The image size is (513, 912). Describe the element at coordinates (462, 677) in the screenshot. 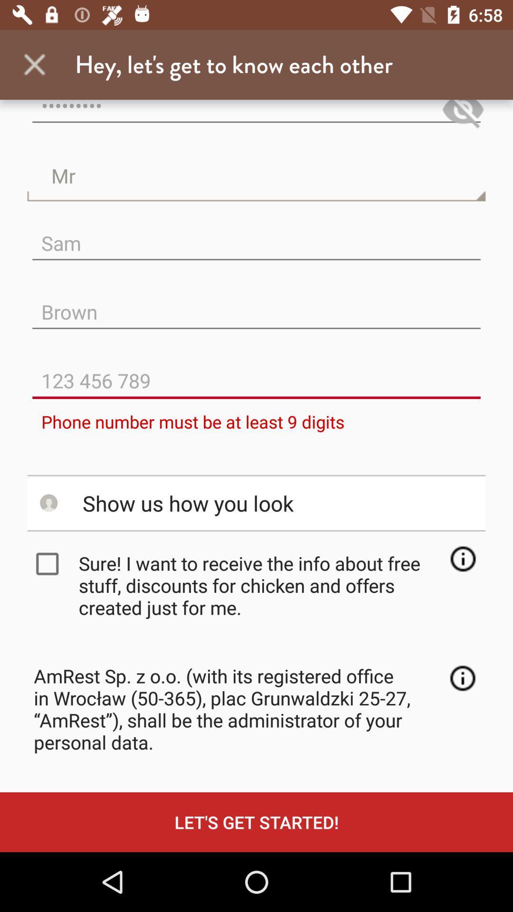

I see `the info icon` at that location.